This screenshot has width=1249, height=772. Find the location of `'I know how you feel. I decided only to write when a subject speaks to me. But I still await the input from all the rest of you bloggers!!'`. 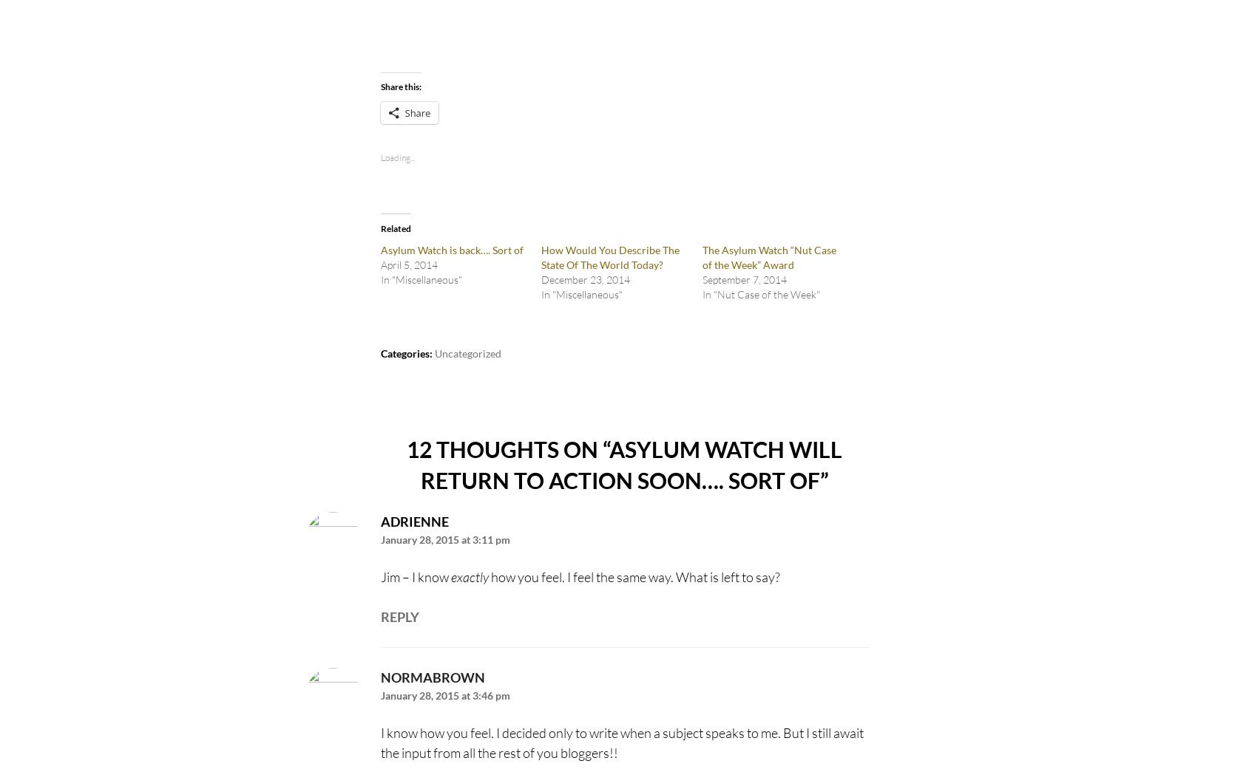

'I know how you feel. I decided only to write when a subject speaks to me. But I still await the input from all the rest of you bloggers!!' is located at coordinates (620, 742).